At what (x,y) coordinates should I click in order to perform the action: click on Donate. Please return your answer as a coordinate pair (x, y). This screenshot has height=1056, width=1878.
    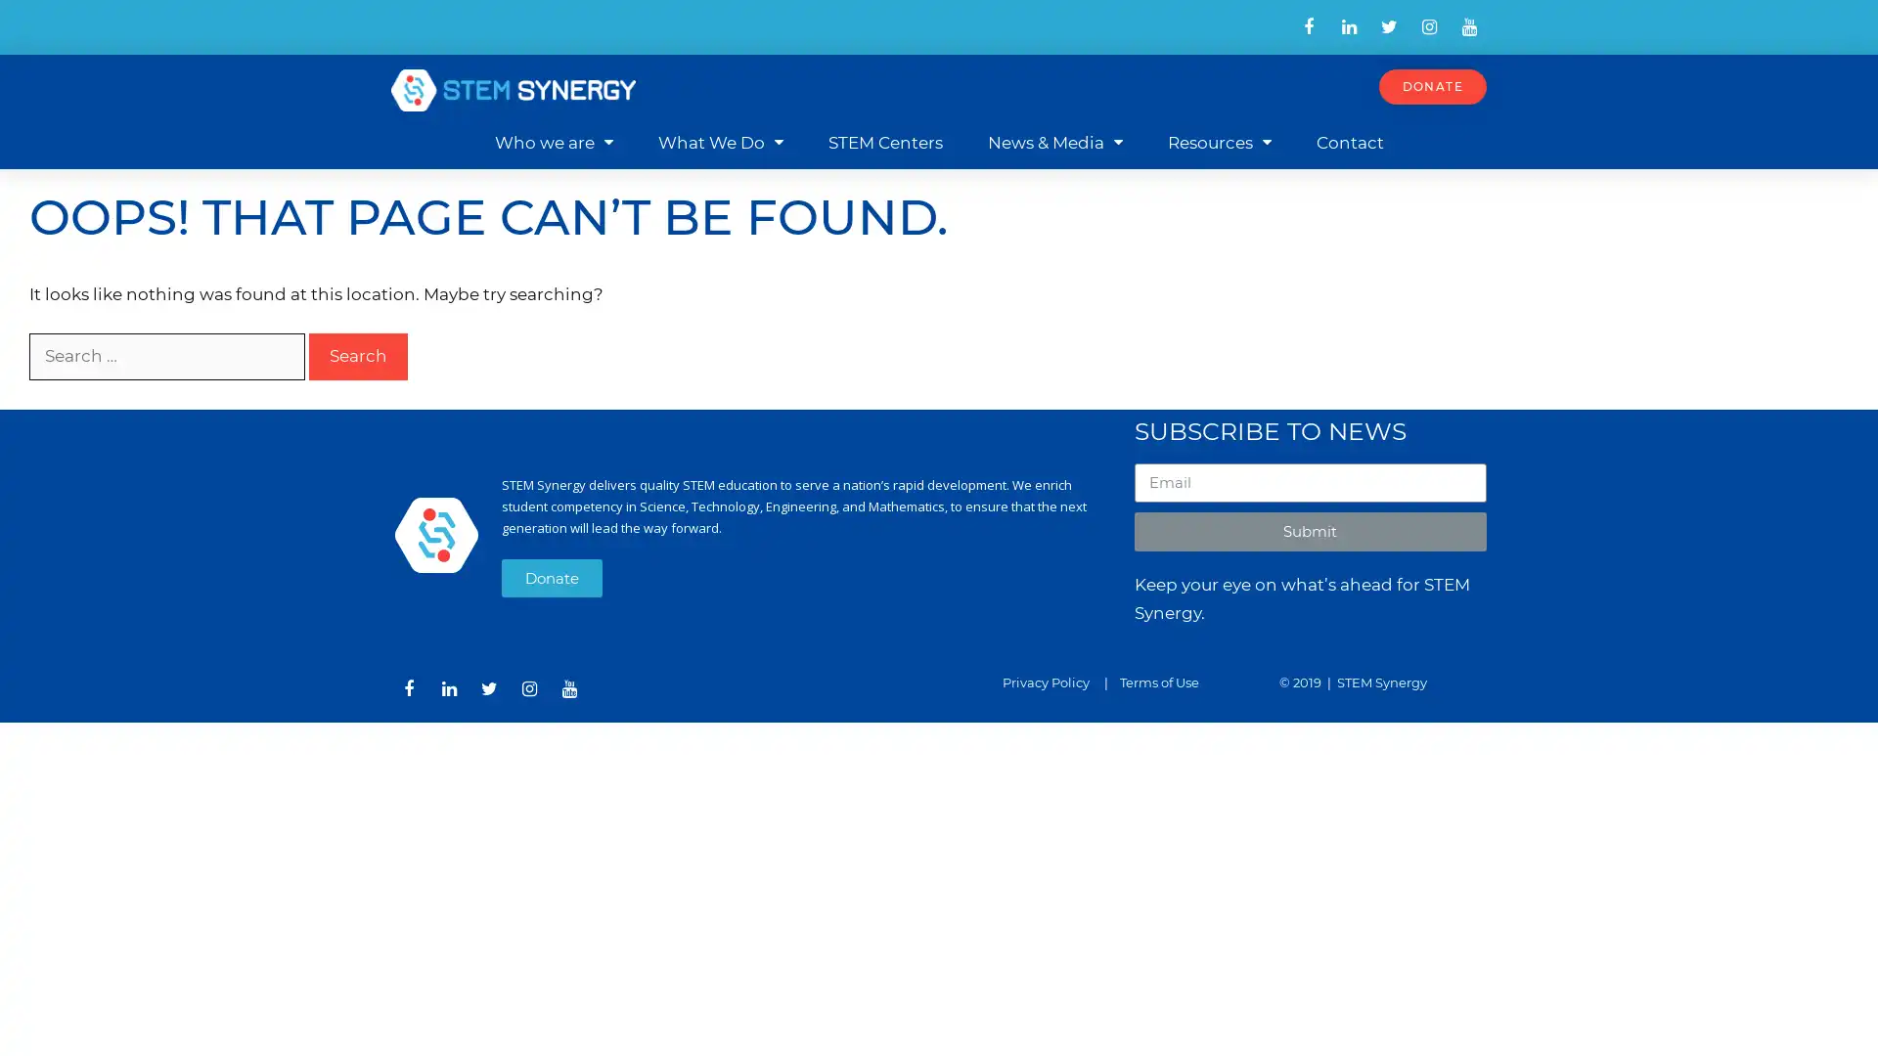
    Looking at the image, I should click on (551, 576).